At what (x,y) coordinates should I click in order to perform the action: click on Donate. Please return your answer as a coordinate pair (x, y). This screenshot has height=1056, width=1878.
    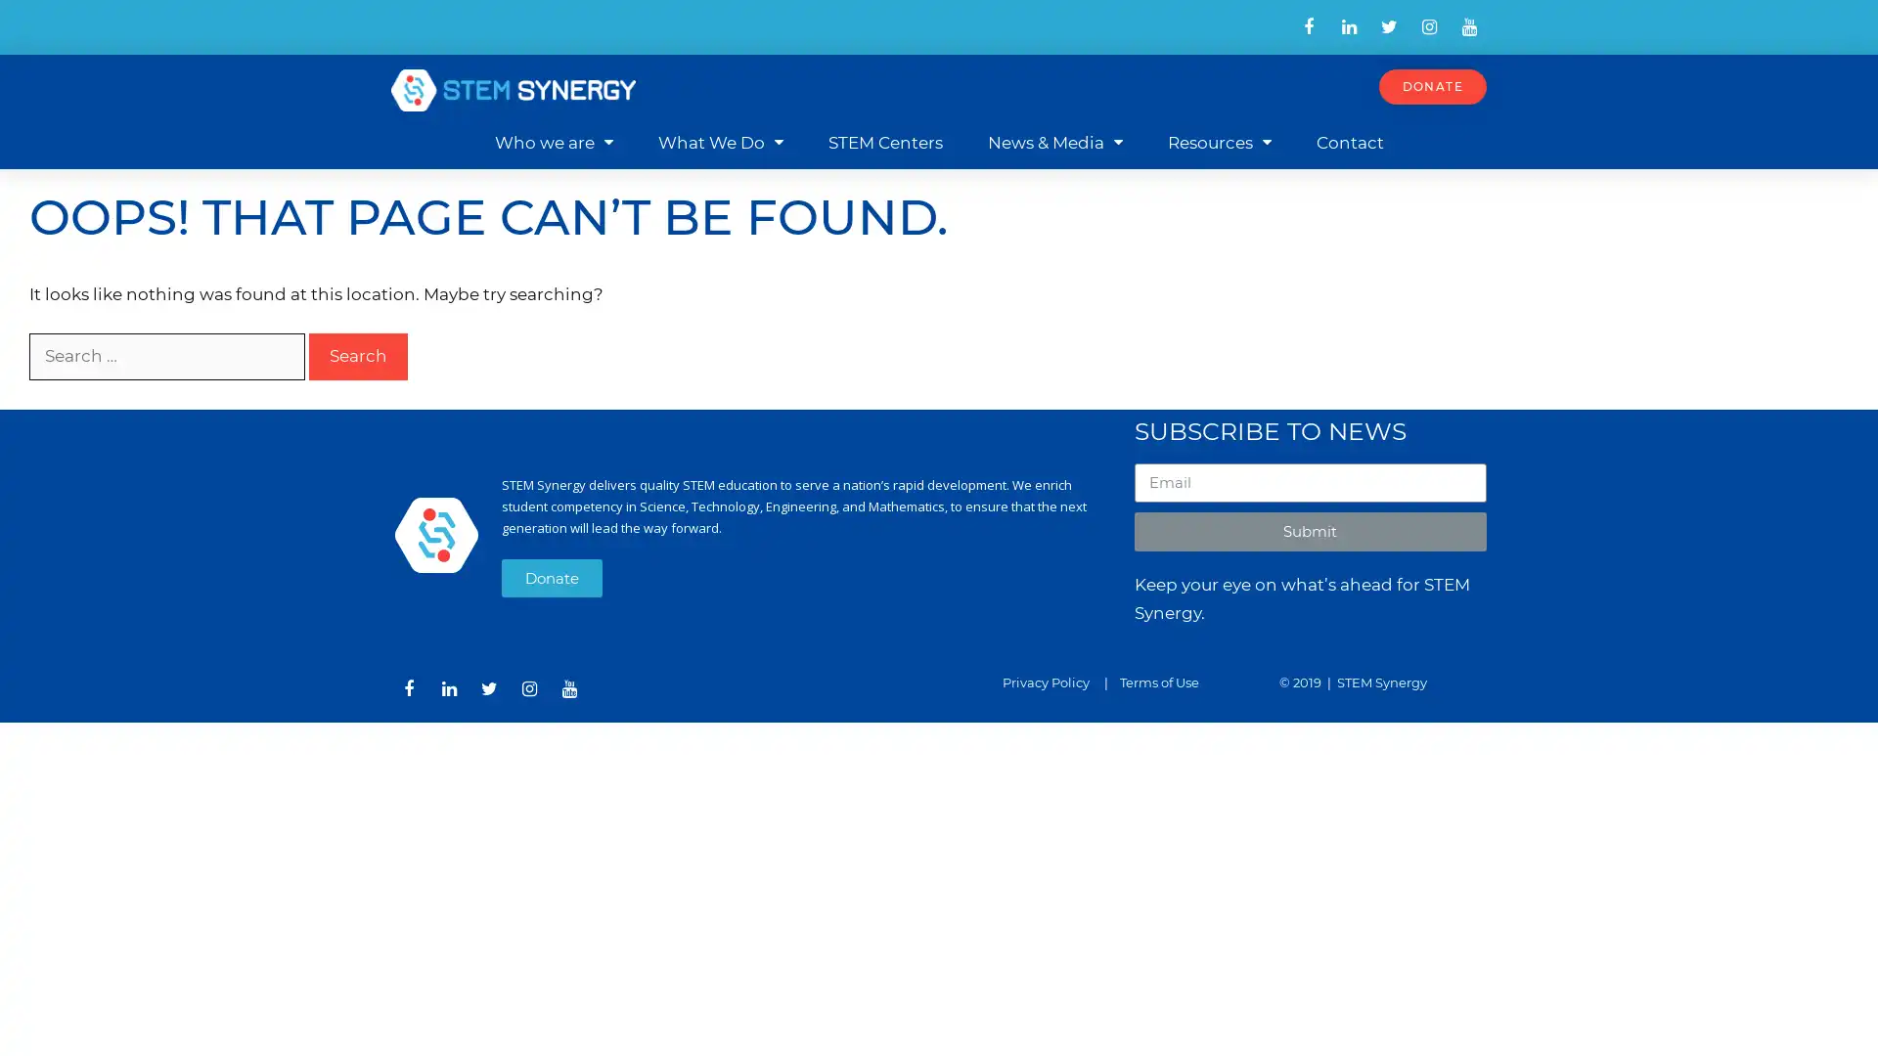
    Looking at the image, I should click on (551, 576).